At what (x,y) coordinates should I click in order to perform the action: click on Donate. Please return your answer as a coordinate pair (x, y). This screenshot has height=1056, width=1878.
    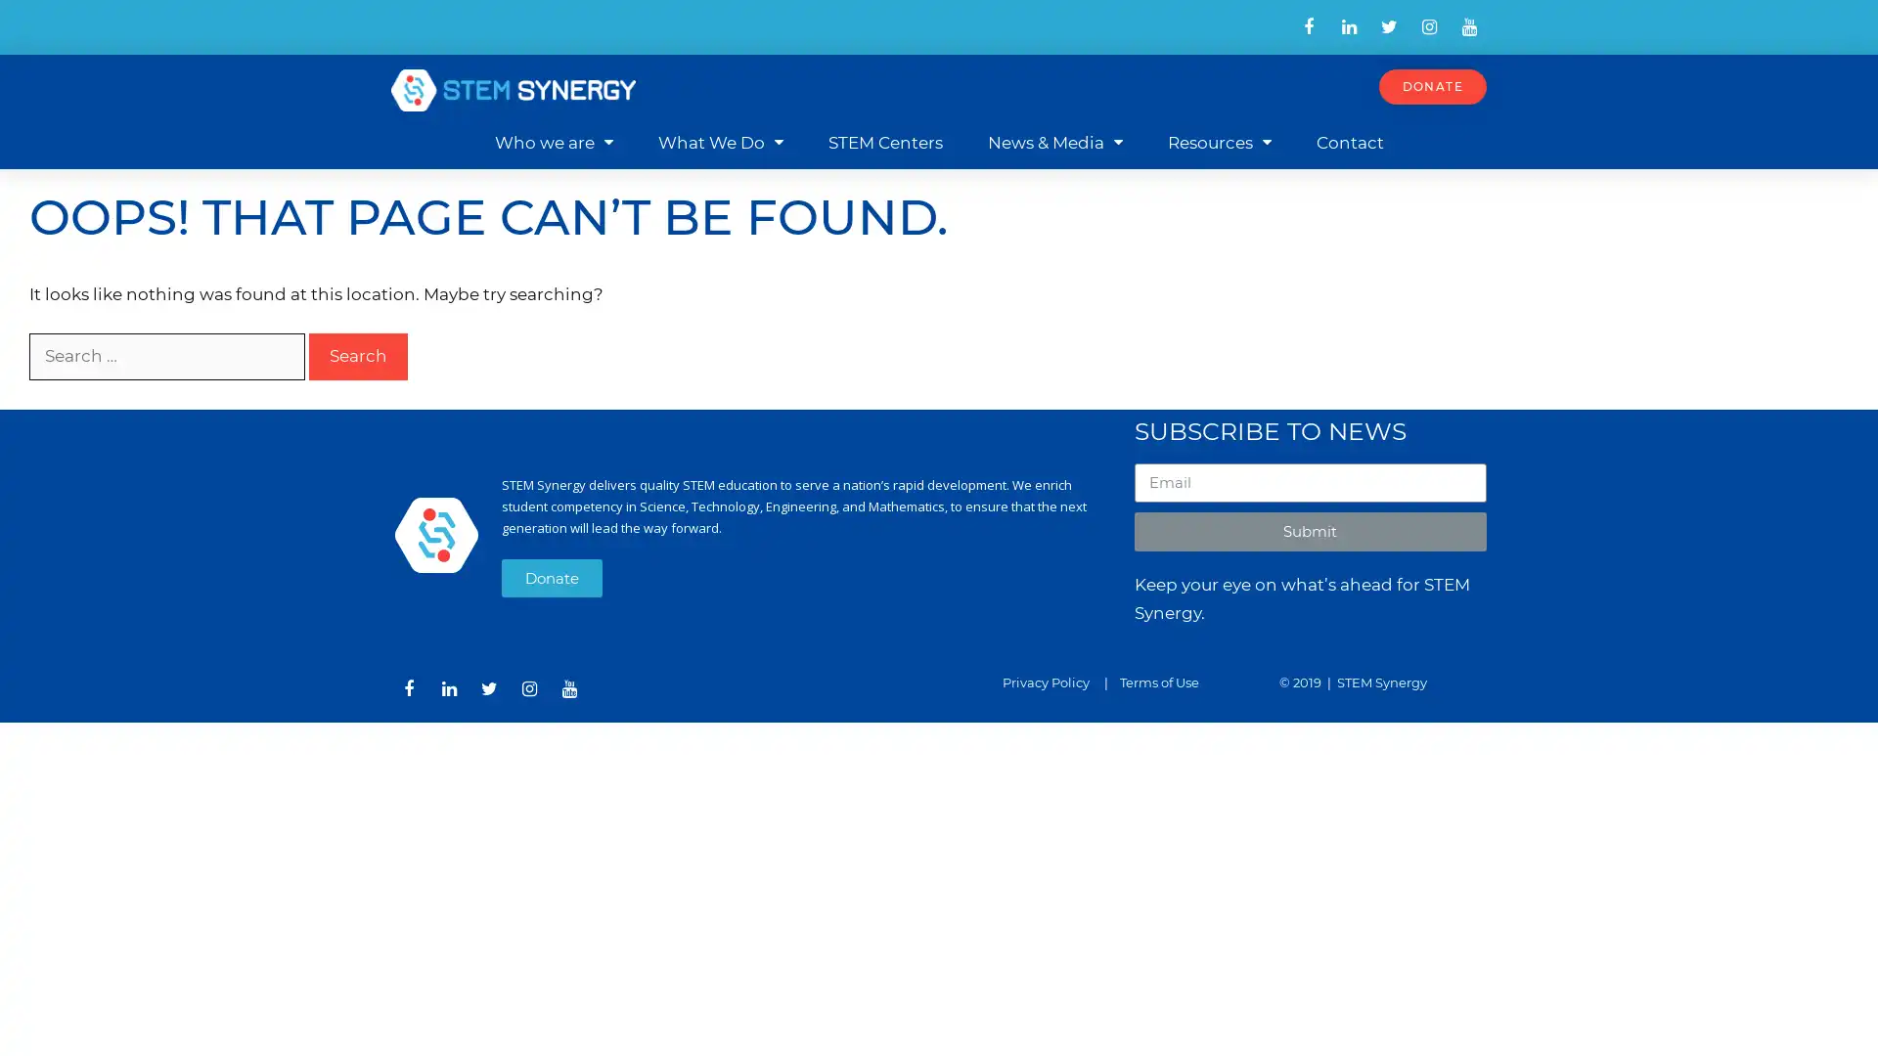
    Looking at the image, I should click on (551, 576).